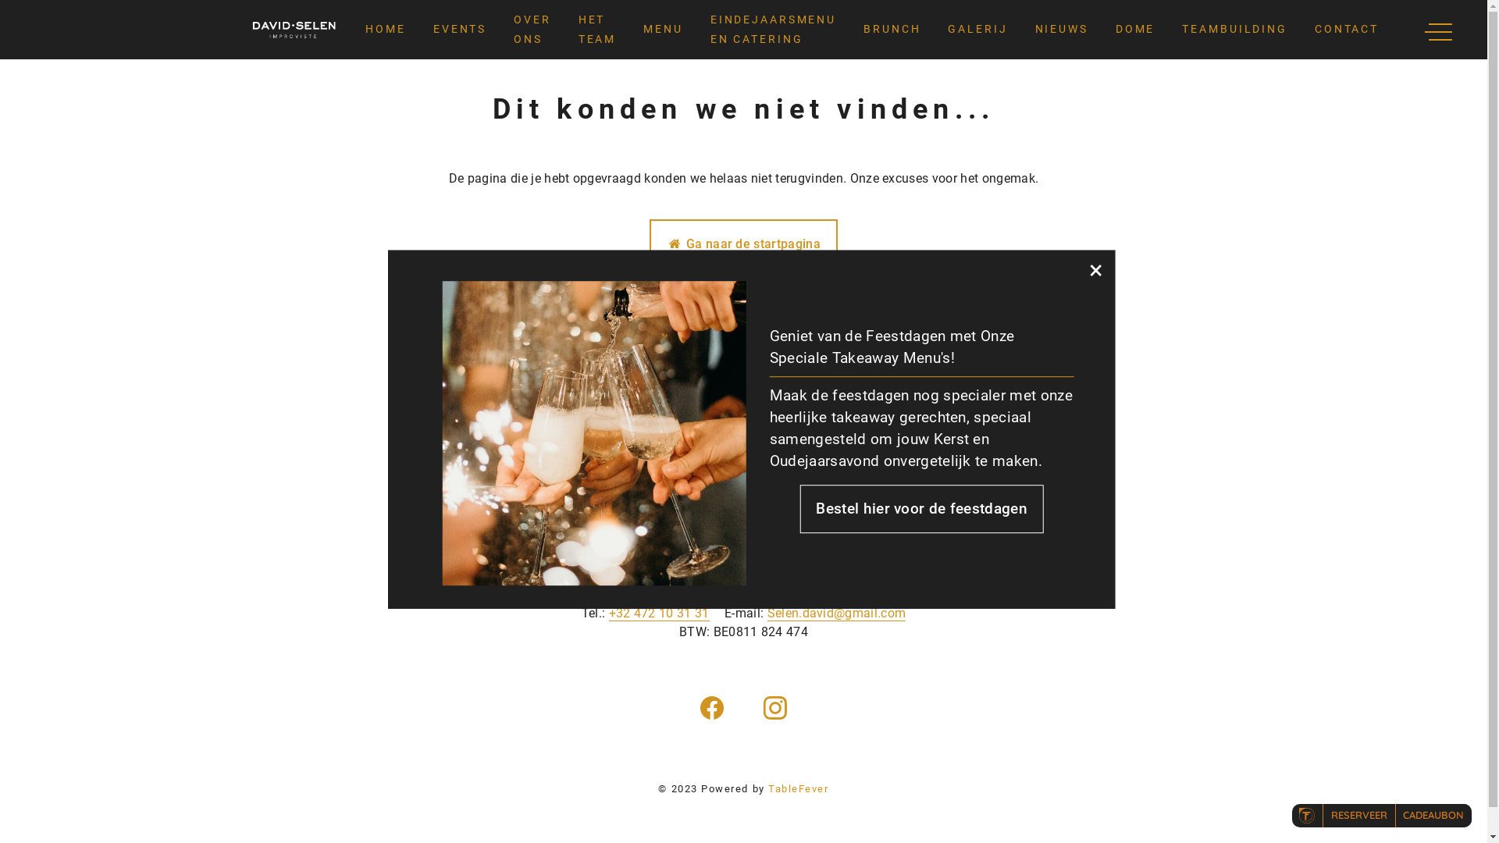 This screenshot has height=843, width=1499. Describe the element at coordinates (1034, 30) in the screenshot. I see `'NIEUWS'` at that location.